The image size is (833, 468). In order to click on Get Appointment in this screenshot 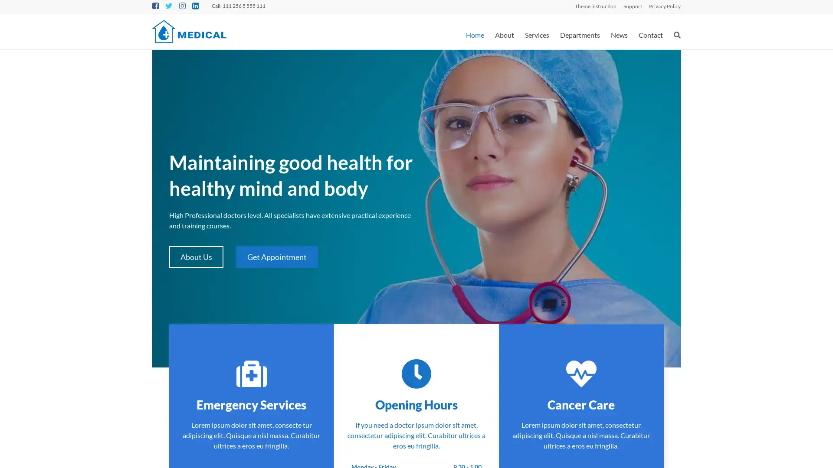, I will do `click(276, 257)`.